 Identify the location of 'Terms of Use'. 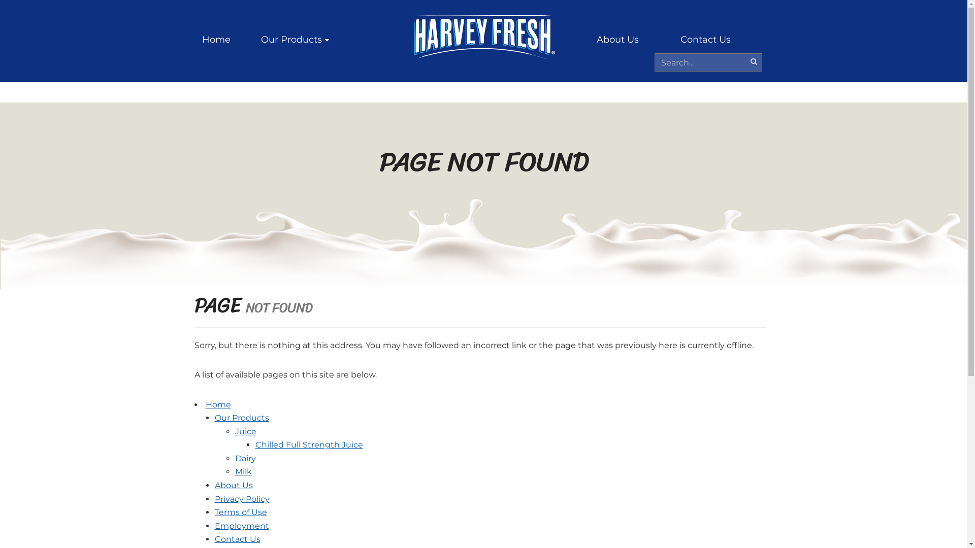
(214, 512).